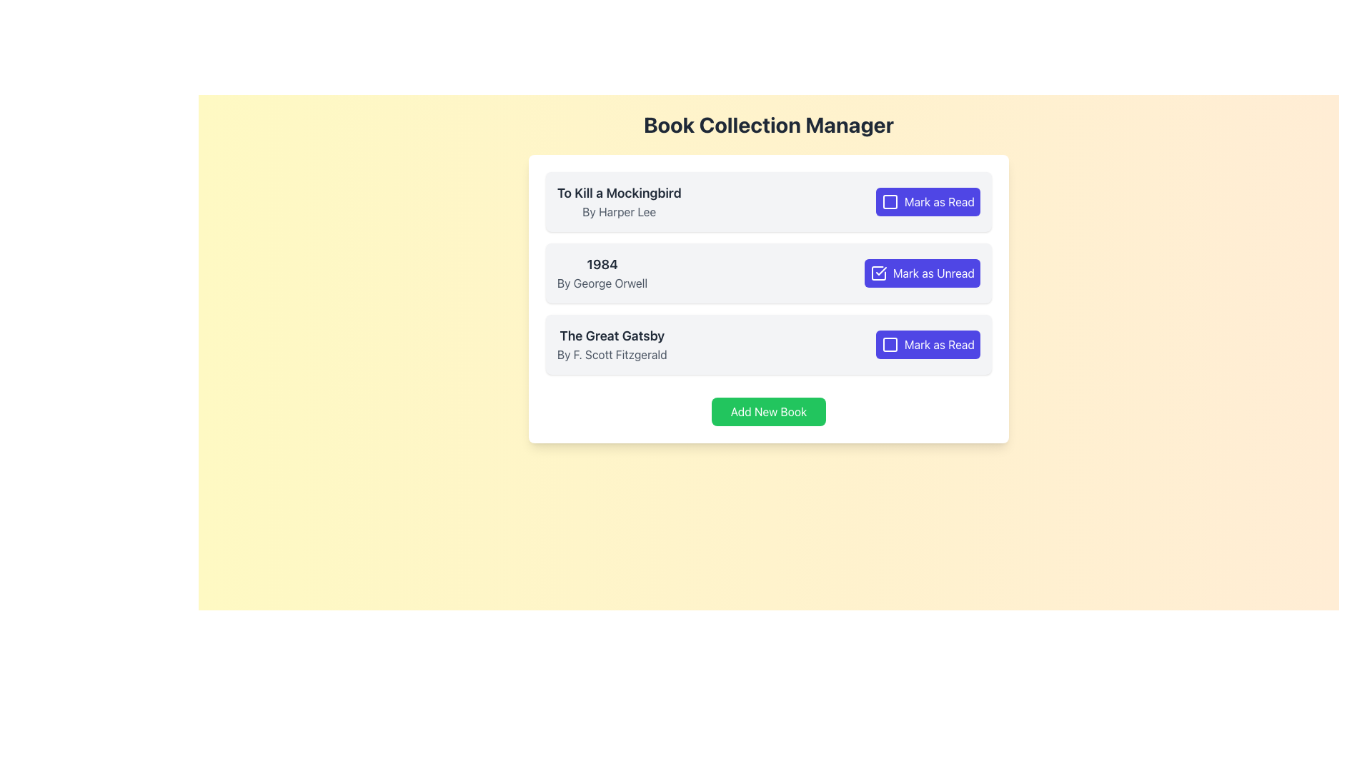 Image resolution: width=1372 pixels, height=771 pixels. What do you see at coordinates (878, 273) in the screenshot?
I see `the small square checkmark icon with a purple background and white checkmark, located to the left of the 'Mark as Unread' button for the book '1984' by George Orwell` at bounding box center [878, 273].